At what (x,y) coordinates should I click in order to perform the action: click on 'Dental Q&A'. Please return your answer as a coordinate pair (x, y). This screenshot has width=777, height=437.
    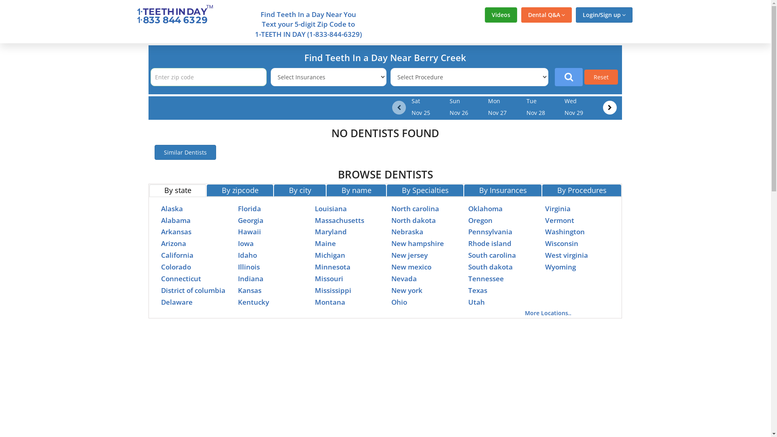
    Looking at the image, I should click on (546, 15).